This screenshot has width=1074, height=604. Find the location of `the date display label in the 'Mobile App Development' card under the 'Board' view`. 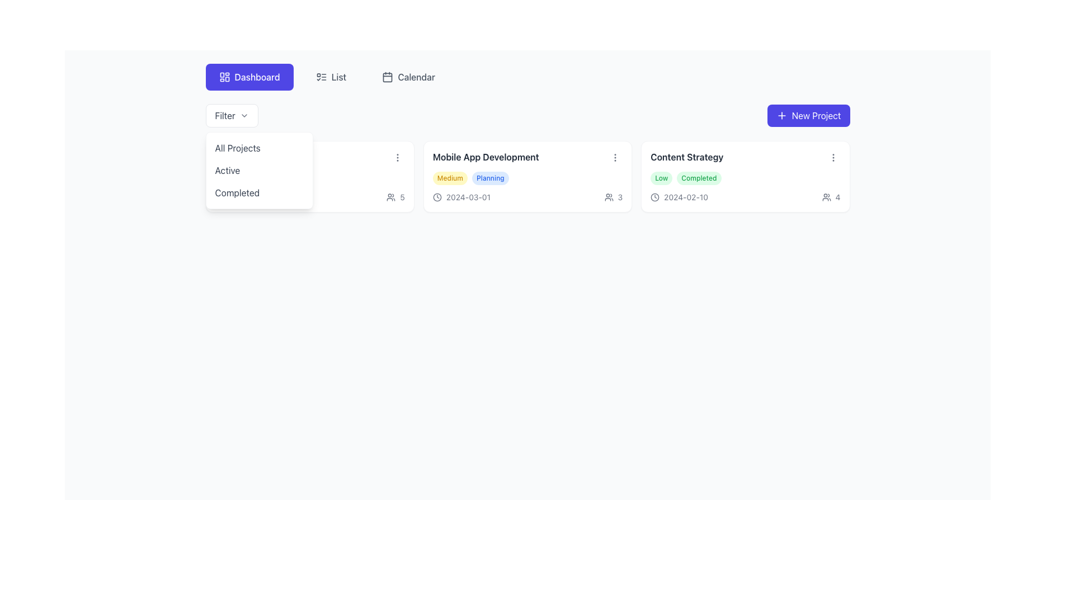

the date display label in the 'Mobile App Development' card under the 'Board' view is located at coordinates (468, 197).